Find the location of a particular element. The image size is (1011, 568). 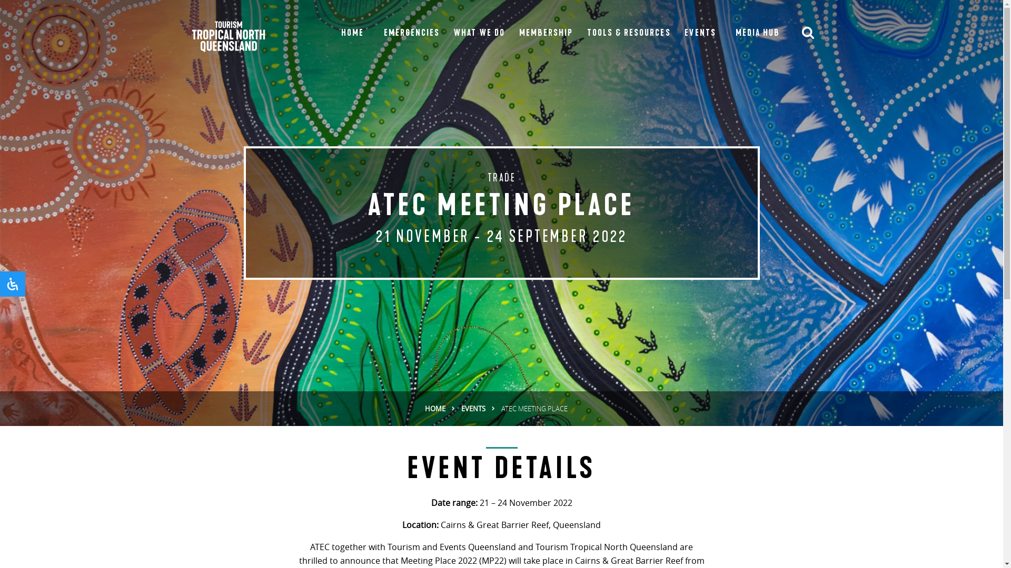

'MEMBERSHIP' is located at coordinates (546, 32).